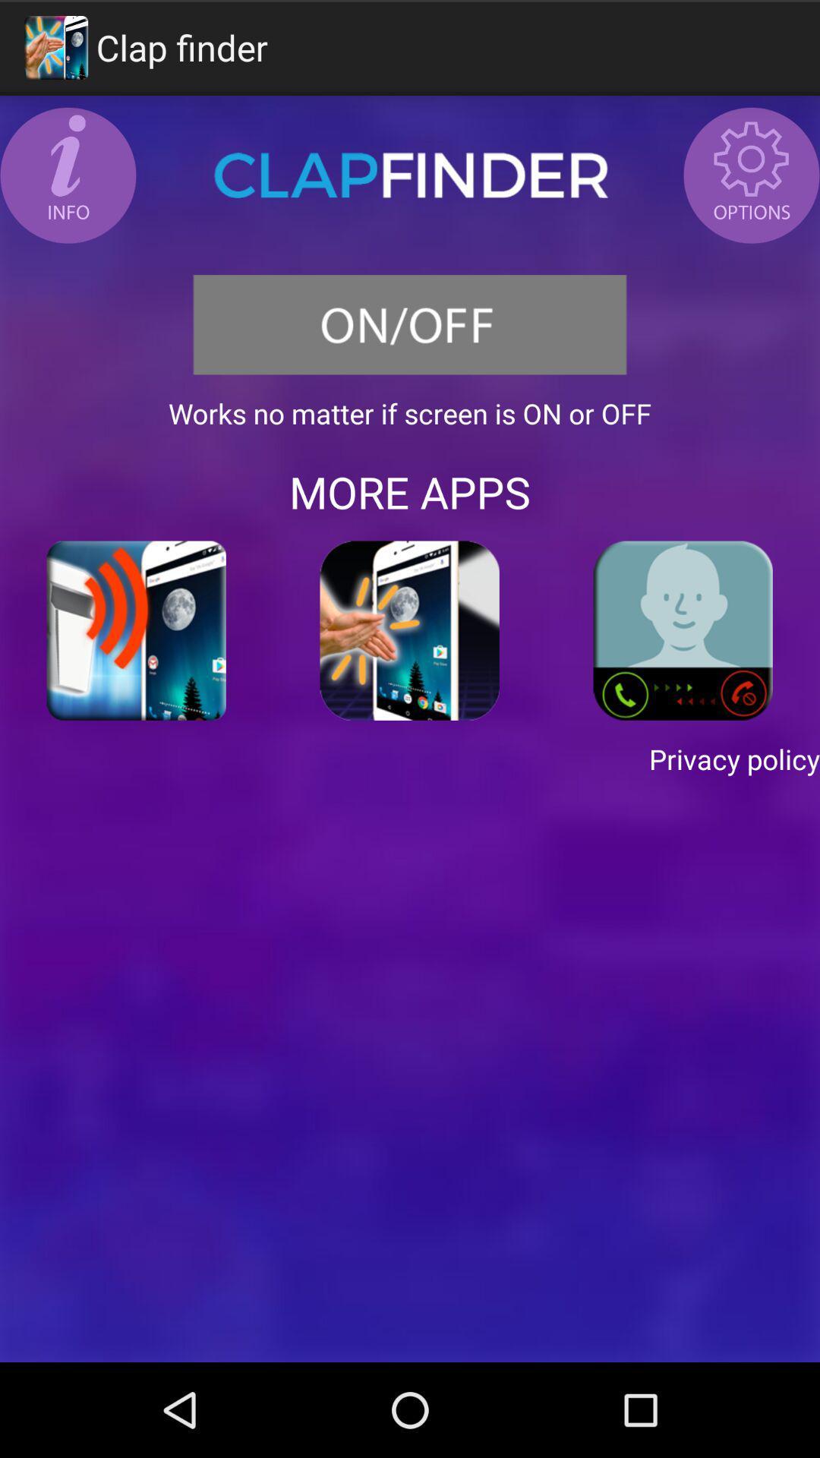 The height and width of the screenshot is (1458, 820). What do you see at coordinates (682, 630) in the screenshot?
I see `icon on the right` at bounding box center [682, 630].